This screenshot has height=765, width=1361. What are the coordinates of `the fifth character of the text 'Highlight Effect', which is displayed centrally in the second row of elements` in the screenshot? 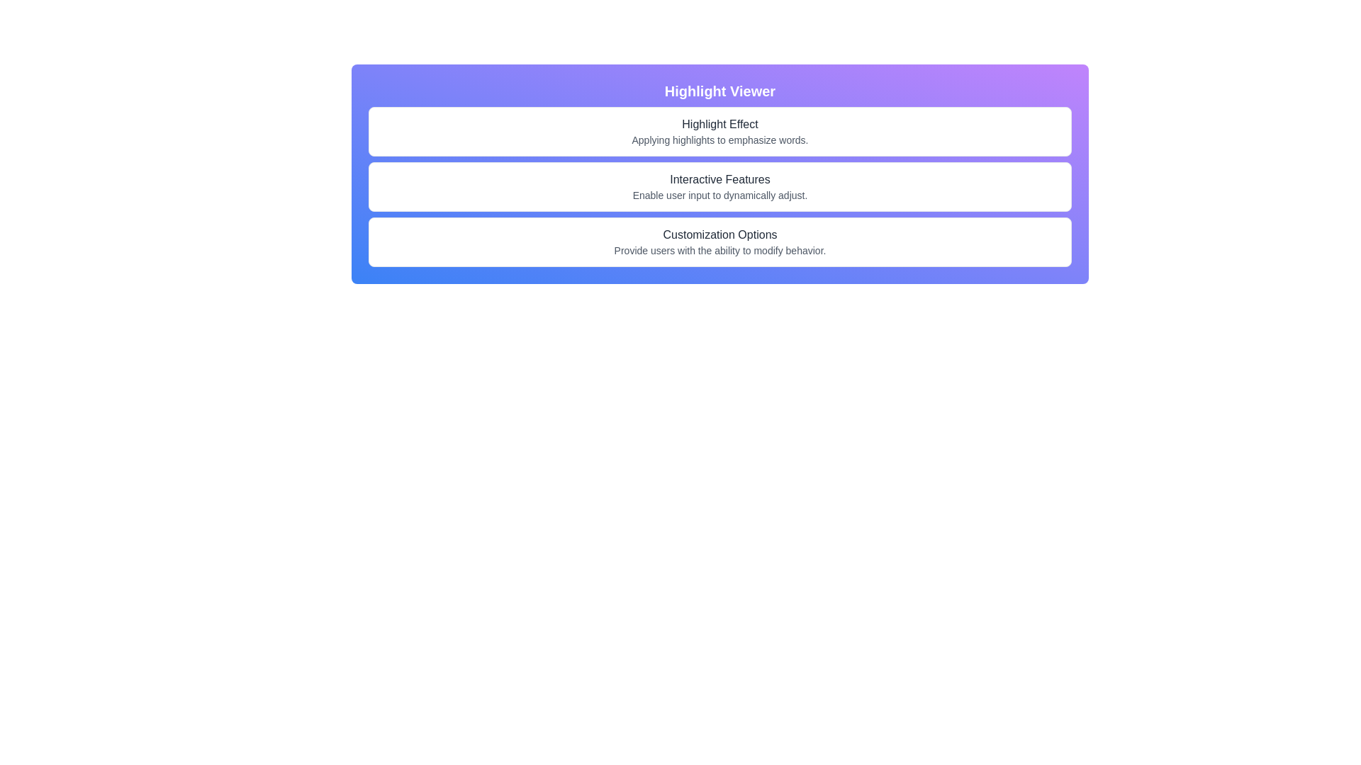 It's located at (707, 123).